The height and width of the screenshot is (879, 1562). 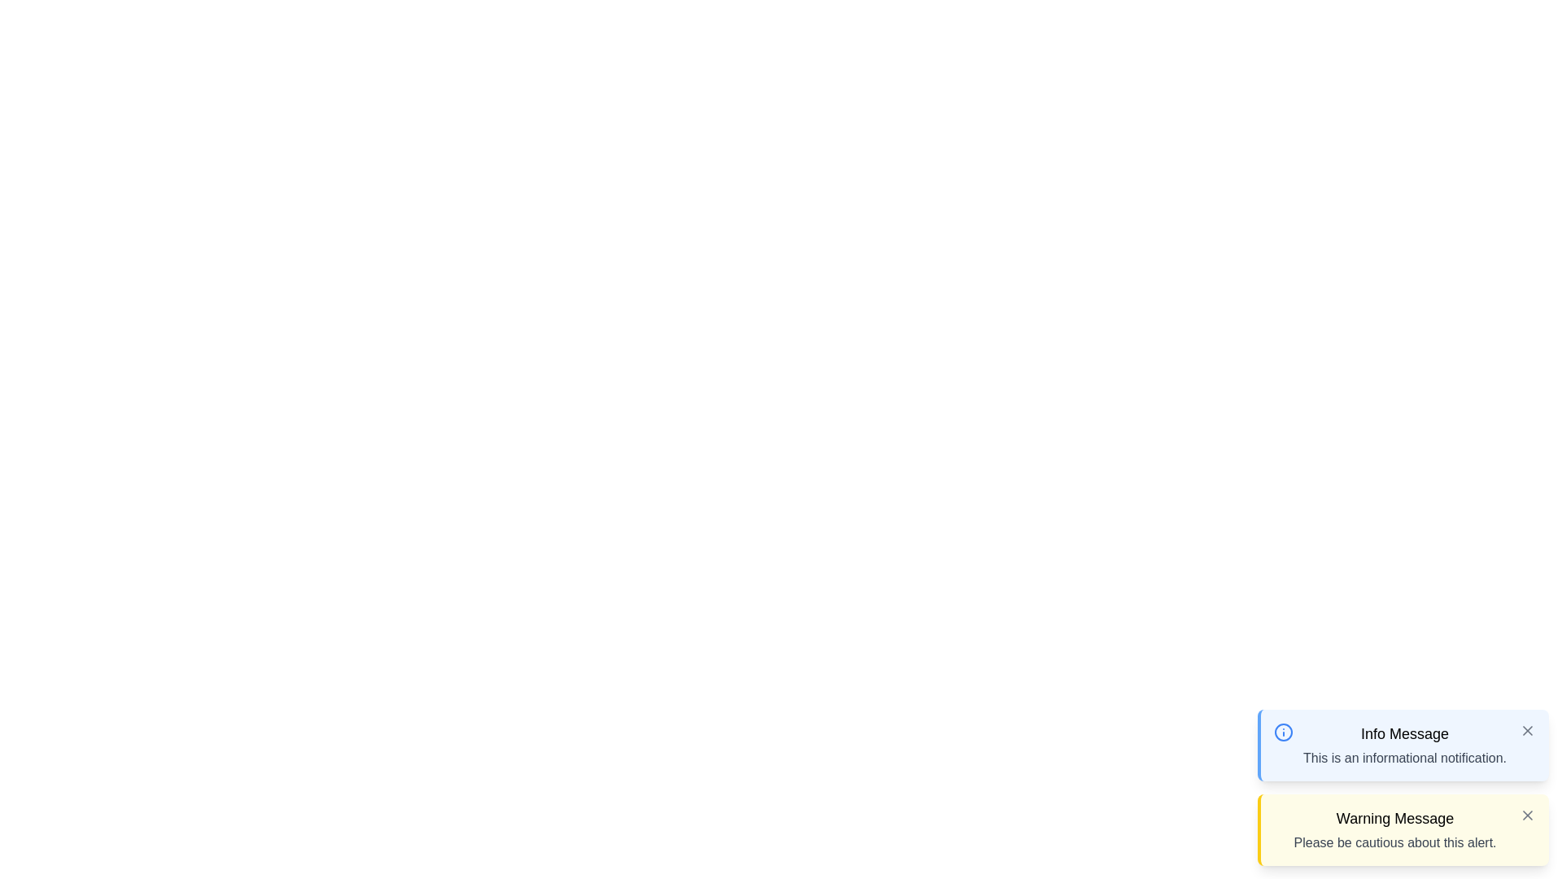 I want to click on the title Text label located at the upper portion of the blue notification box in the bottom-right corner of the interface, so click(x=1404, y=734).